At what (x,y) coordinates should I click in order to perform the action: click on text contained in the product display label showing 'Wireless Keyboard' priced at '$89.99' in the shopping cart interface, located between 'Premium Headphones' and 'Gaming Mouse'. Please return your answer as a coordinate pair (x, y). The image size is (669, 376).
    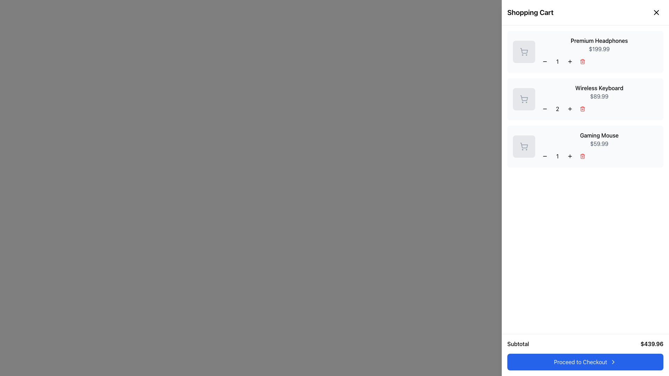
    Looking at the image, I should click on (599, 99).